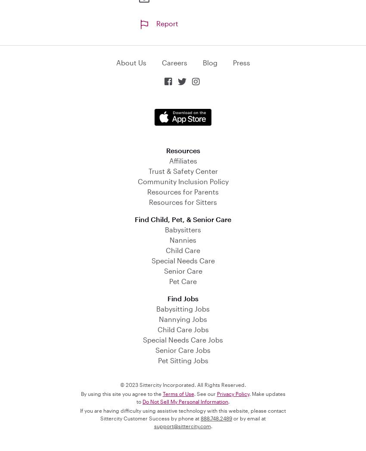 The image size is (366, 451). What do you see at coordinates (205, 392) in the screenshot?
I see `'.
              See our'` at bounding box center [205, 392].